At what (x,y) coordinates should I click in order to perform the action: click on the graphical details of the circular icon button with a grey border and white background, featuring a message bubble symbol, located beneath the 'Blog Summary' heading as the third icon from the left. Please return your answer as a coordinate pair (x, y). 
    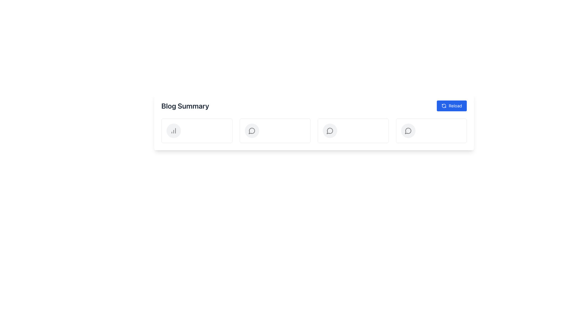
    Looking at the image, I should click on (252, 130).